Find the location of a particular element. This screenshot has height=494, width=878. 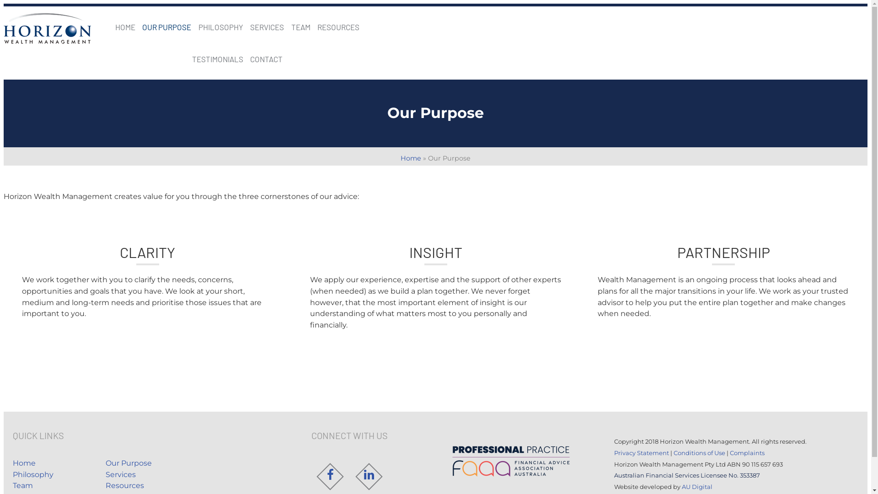

'CONTACT' is located at coordinates (266, 59).